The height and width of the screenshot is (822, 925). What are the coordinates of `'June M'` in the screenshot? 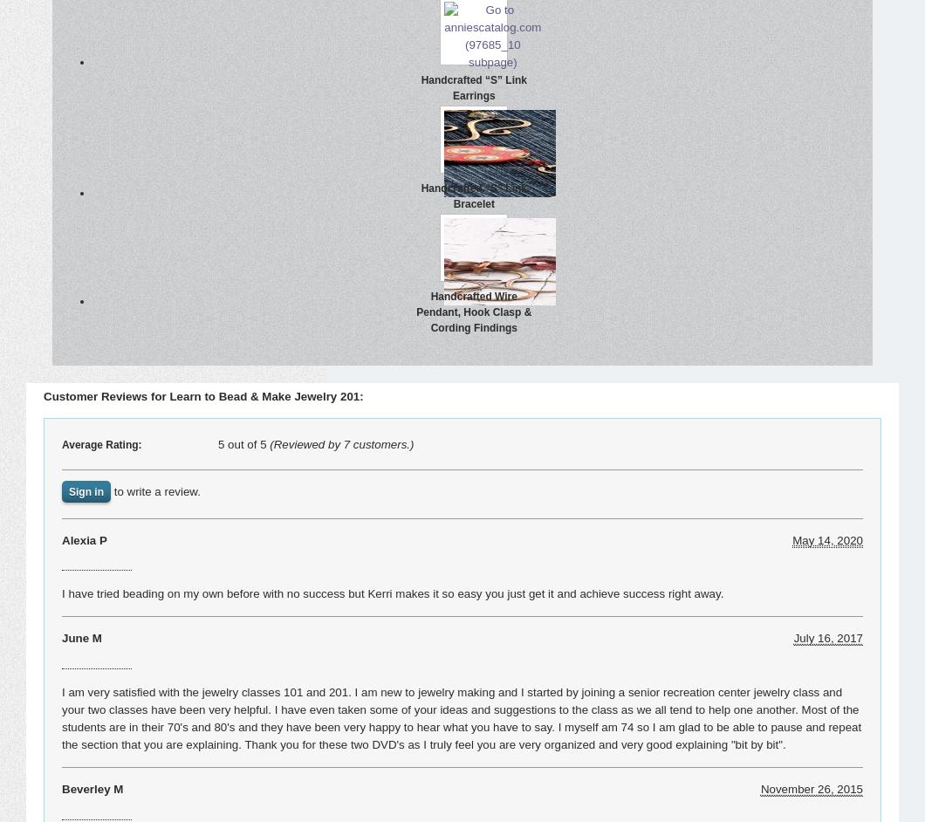 It's located at (81, 637).